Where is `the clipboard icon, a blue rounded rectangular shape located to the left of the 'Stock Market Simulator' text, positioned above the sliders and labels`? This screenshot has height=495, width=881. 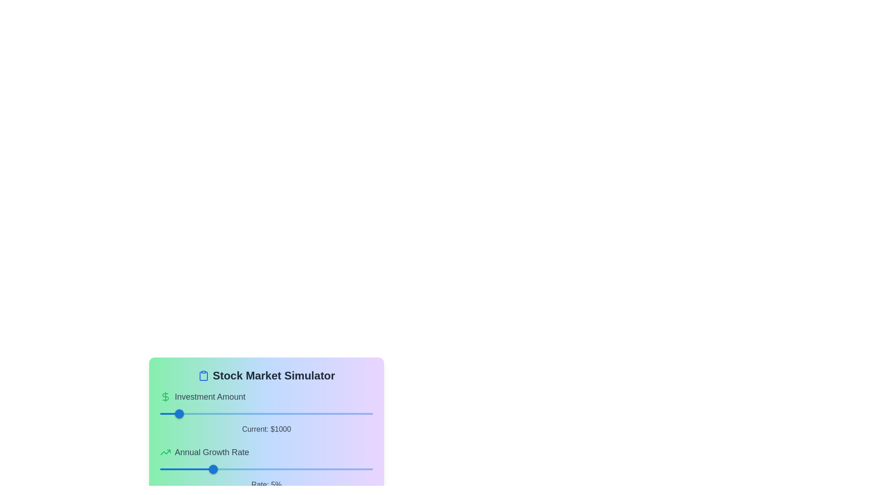 the clipboard icon, a blue rounded rectangular shape located to the left of the 'Stock Market Simulator' text, positioned above the sliders and labels is located at coordinates (203, 376).